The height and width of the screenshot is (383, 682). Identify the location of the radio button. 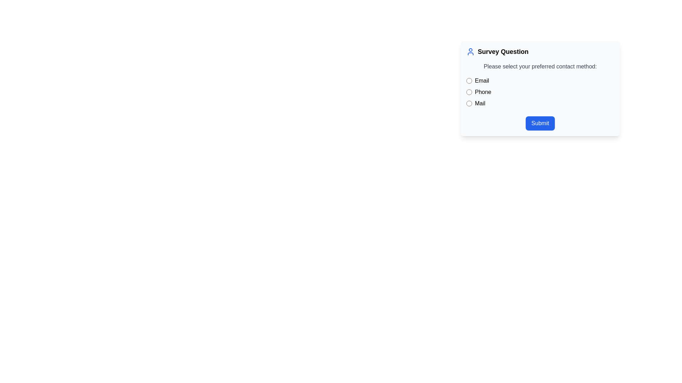
(469, 80).